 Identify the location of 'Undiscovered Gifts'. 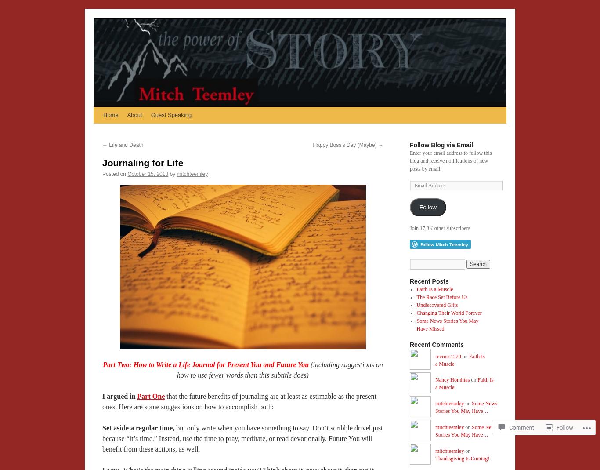
(437, 304).